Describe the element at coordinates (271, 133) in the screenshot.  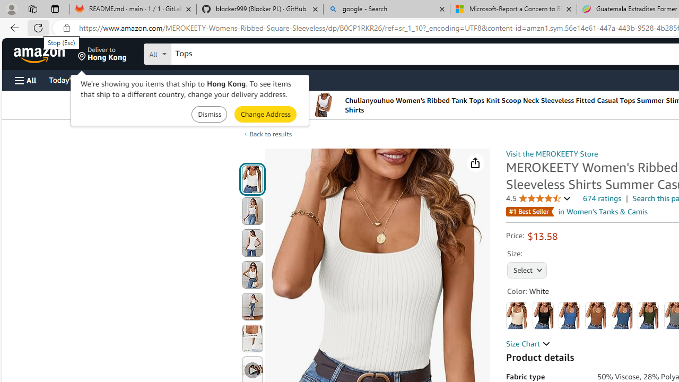
I see `'Back to results'` at that location.